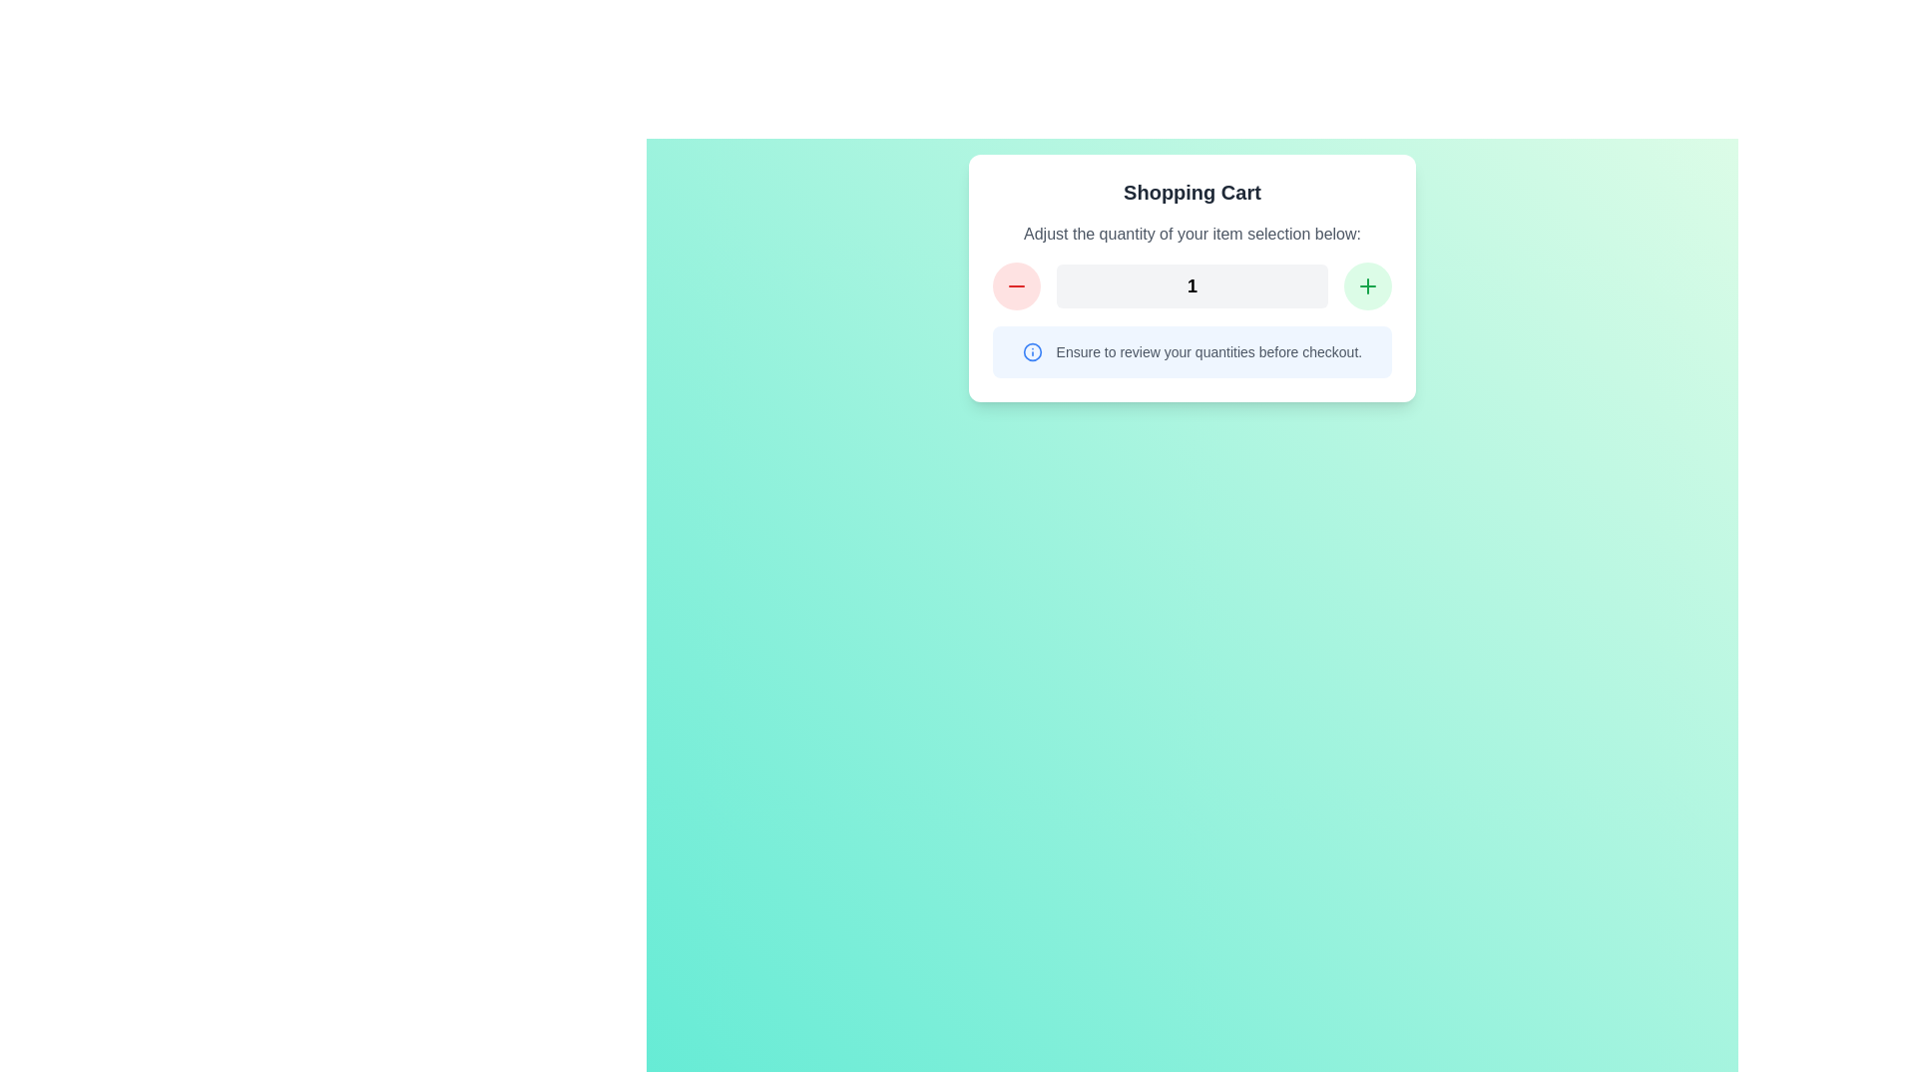 This screenshot has width=1916, height=1078. What do you see at coordinates (1207, 351) in the screenshot?
I see `informational message located in the blue notification bar at the center of the interface, guiding users to review their item quantities before proceeding to checkout` at bounding box center [1207, 351].